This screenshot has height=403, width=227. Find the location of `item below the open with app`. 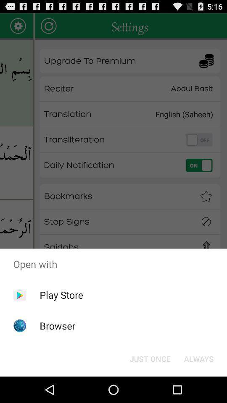

item below the open with app is located at coordinates (61, 295).